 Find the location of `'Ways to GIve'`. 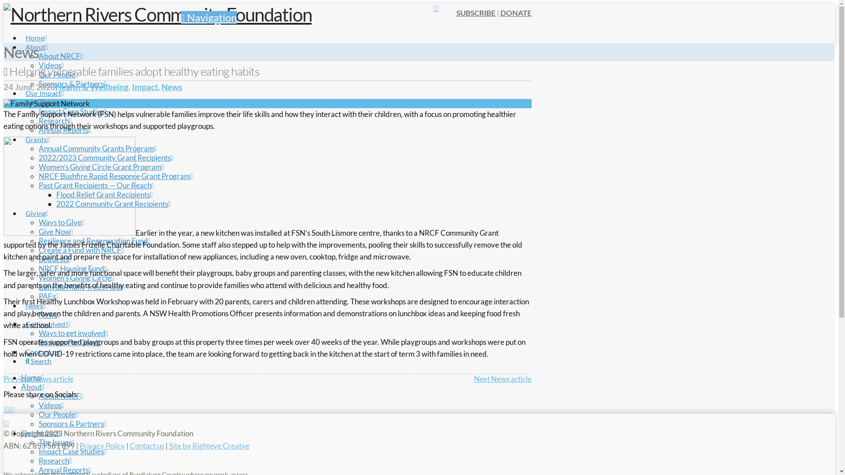

'Ways to GIve' is located at coordinates (61, 222).